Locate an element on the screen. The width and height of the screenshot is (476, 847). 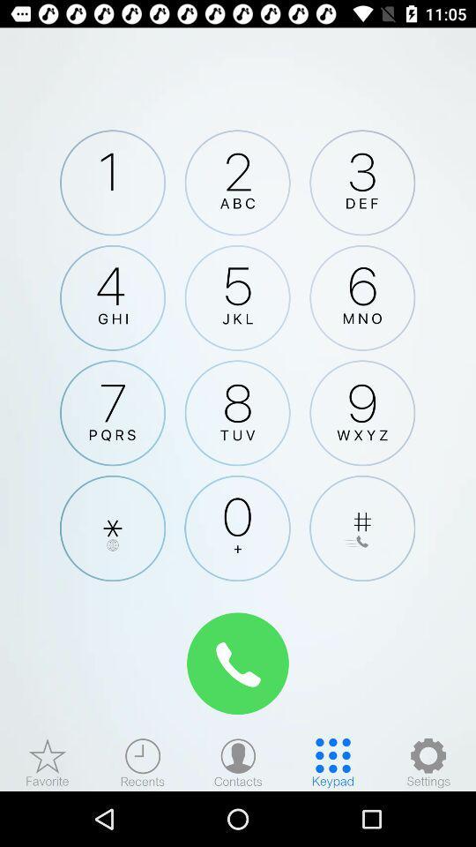
the star icon is located at coordinates (48, 761).